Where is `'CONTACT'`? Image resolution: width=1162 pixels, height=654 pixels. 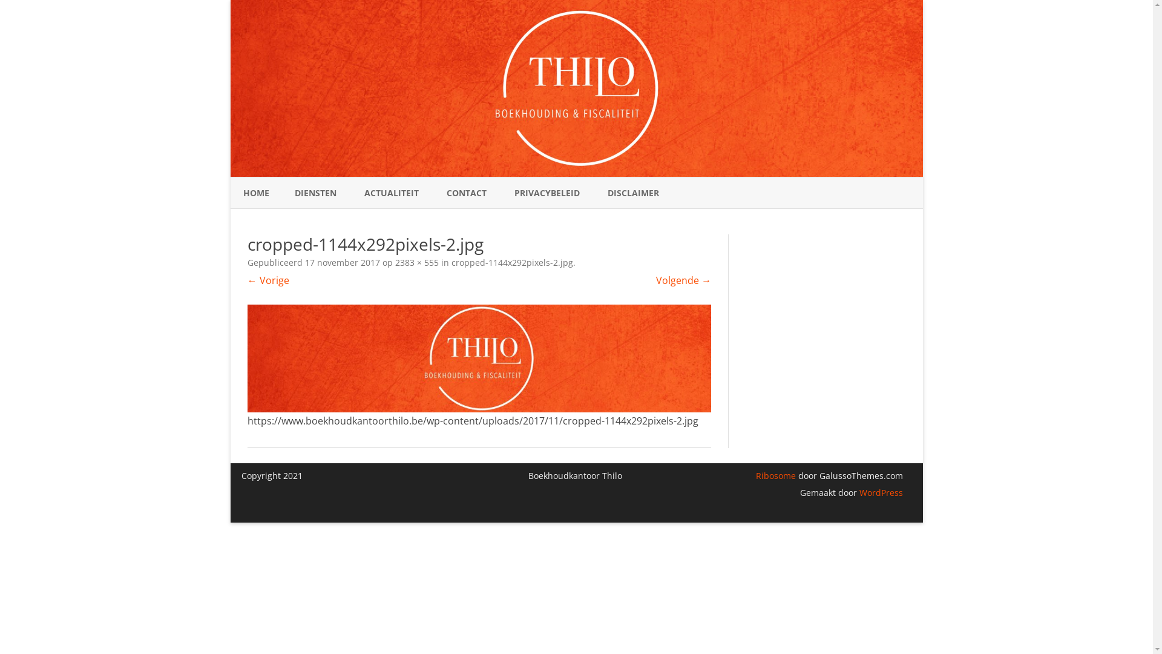
'CONTACT' is located at coordinates (466, 193).